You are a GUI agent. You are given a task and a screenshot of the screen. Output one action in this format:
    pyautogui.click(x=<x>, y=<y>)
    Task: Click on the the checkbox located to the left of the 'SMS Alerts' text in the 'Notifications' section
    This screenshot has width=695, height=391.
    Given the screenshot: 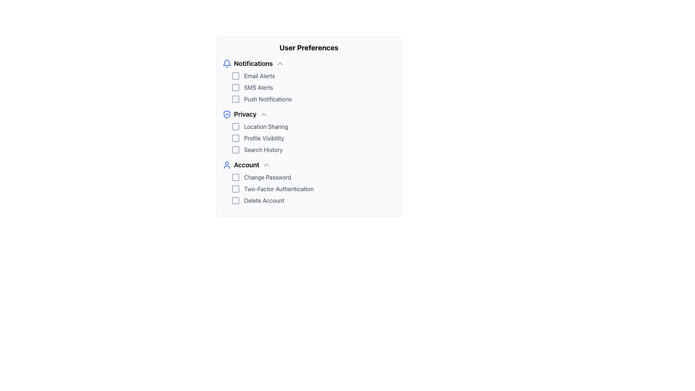 What is the action you would take?
    pyautogui.click(x=235, y=87)
    